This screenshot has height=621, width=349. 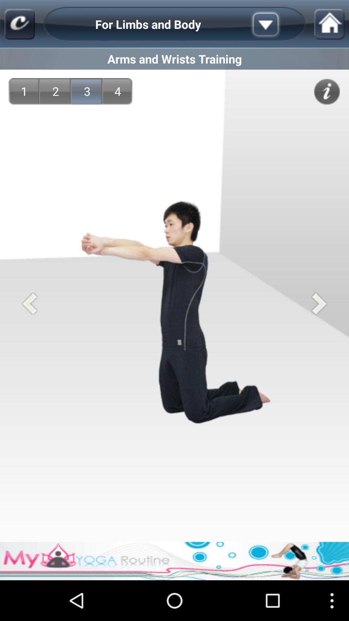 I want to click on item above arms and wrists item, so click(x=329, y=24).